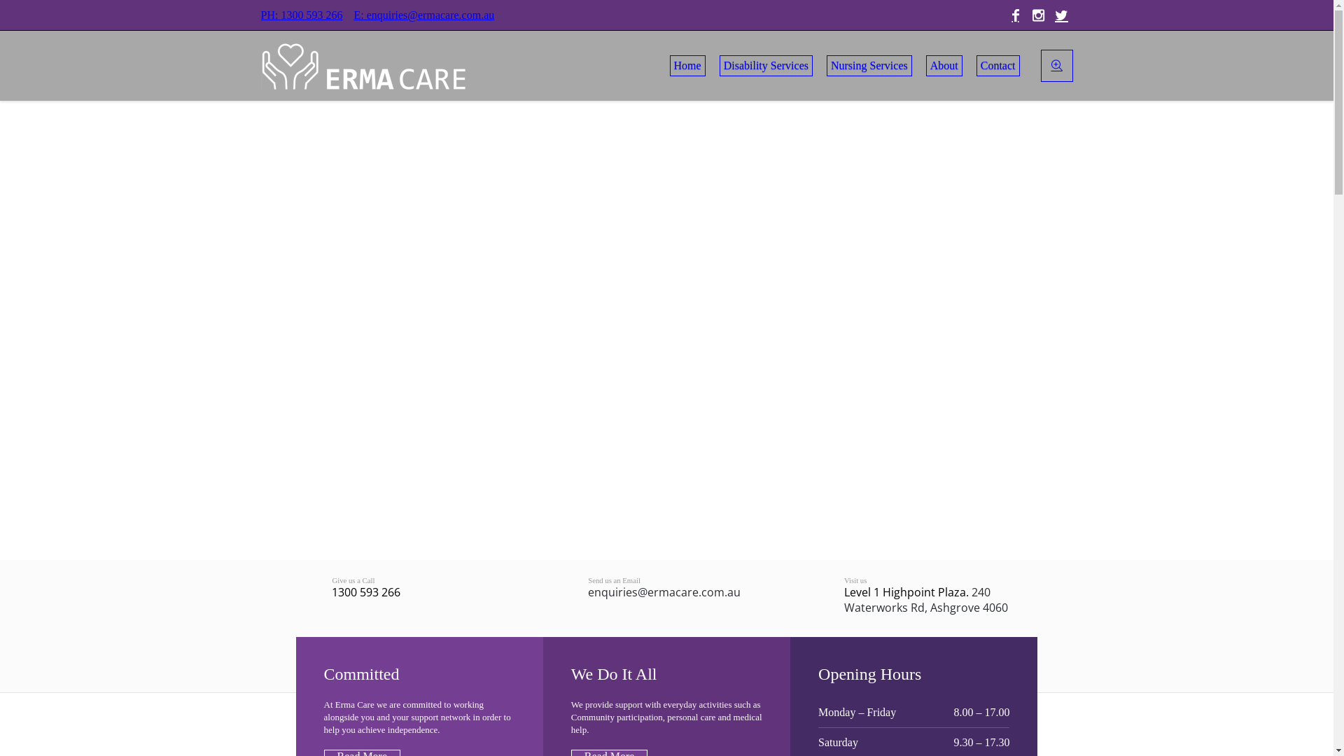  What do you see at coordinates (869, 65) in the screenshot?
I see `'Nursing Services'` at bounding box center [869, 65].